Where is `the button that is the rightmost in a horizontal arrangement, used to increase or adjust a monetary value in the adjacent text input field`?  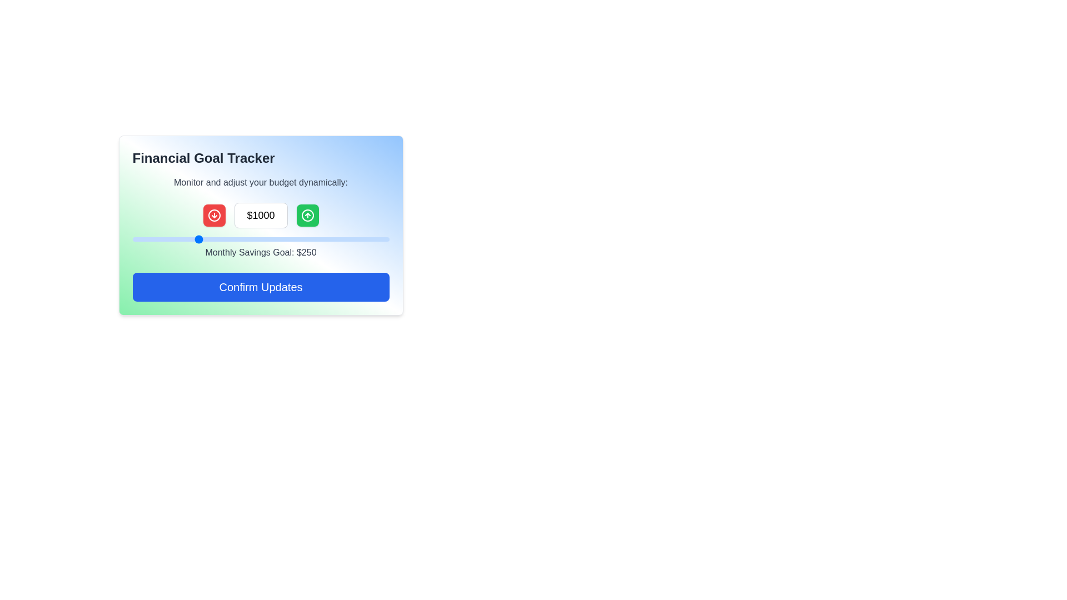
the button that is the rightmost in a horizontal arrangement, used to increase or adjust a monetary value in the adjacent text input field is located at coordinates (307, 216).